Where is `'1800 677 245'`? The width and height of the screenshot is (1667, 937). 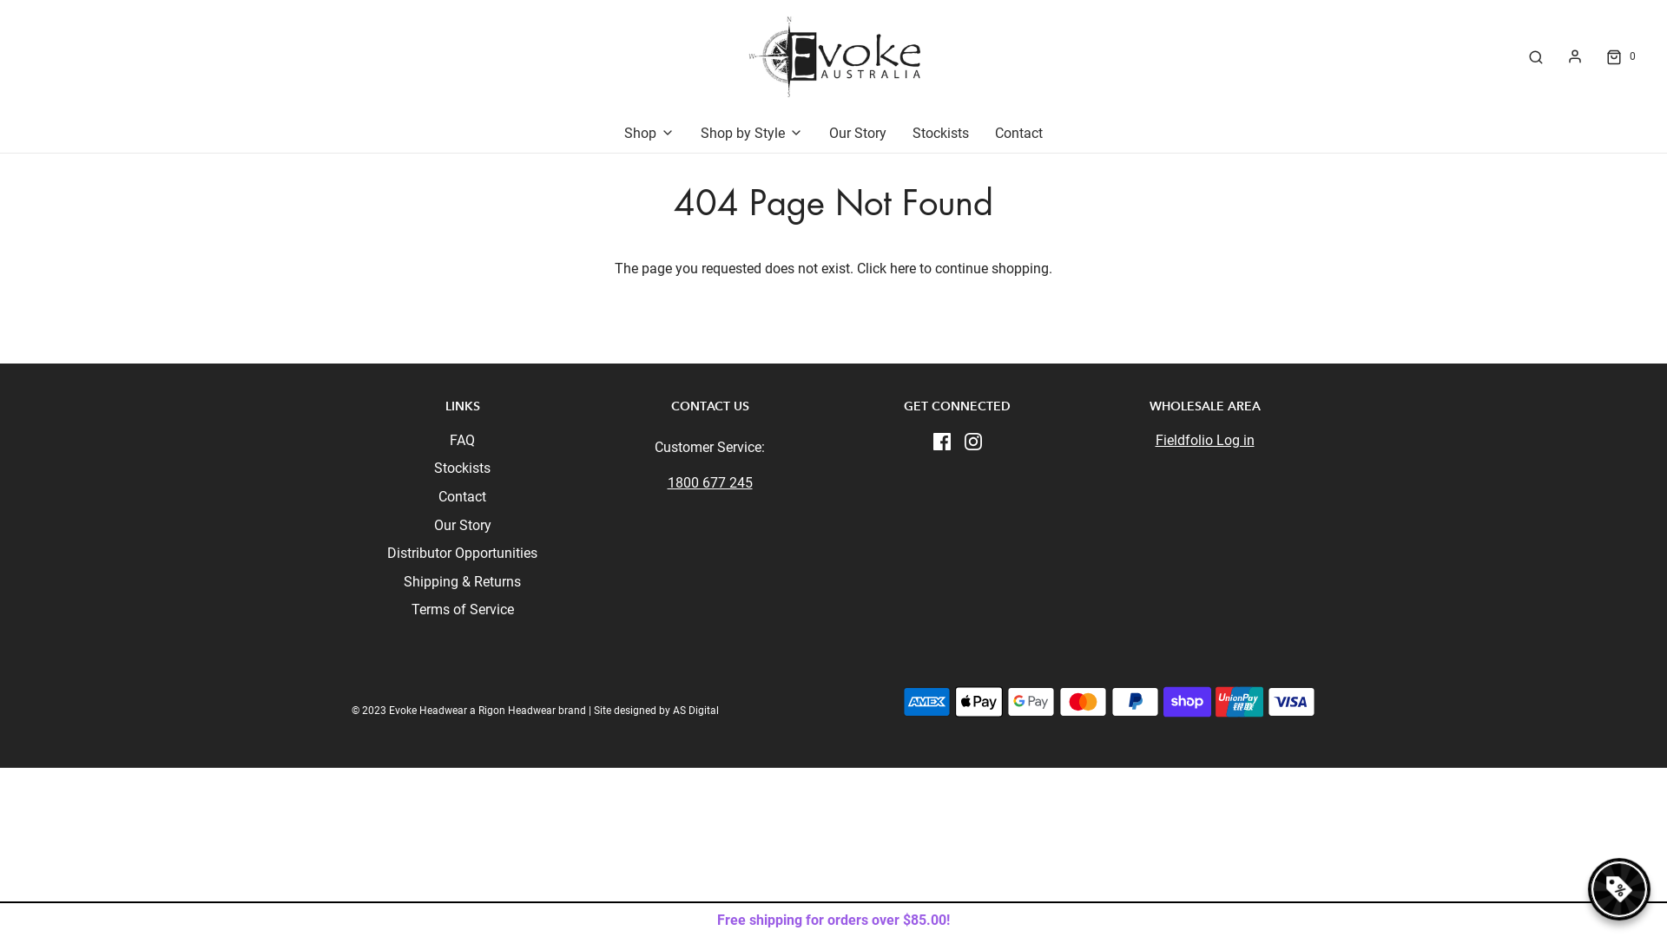 '1800 677 245' is located at coordinates (666, 482).